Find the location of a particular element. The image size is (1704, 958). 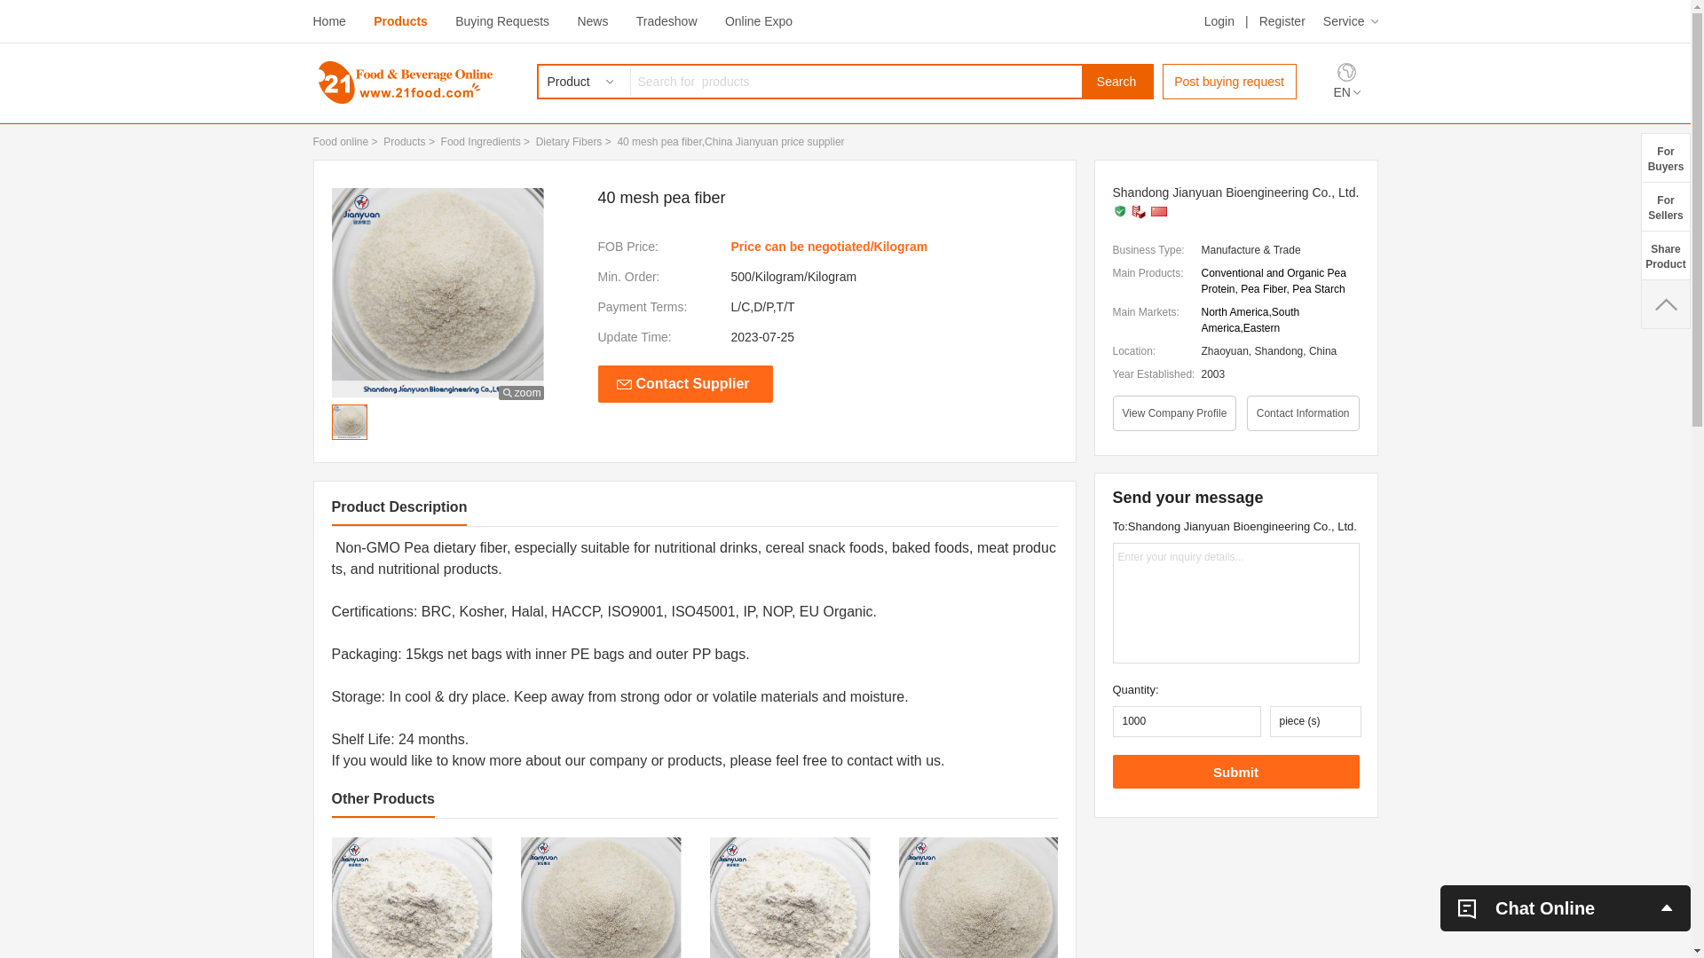

'Food online' is located at coordinates (340, 140).